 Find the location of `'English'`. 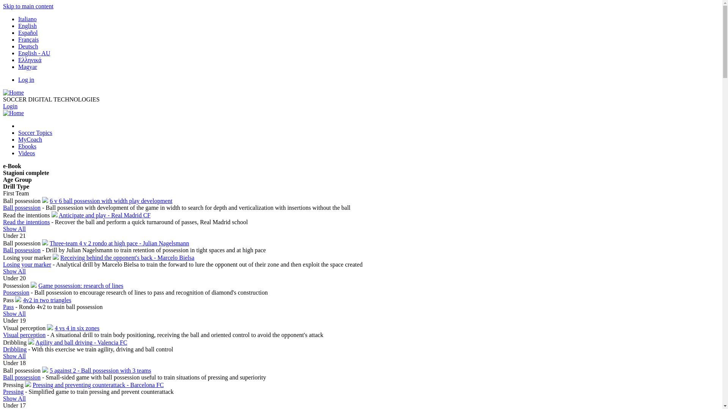

'English' is located at coordinates (27, 25).